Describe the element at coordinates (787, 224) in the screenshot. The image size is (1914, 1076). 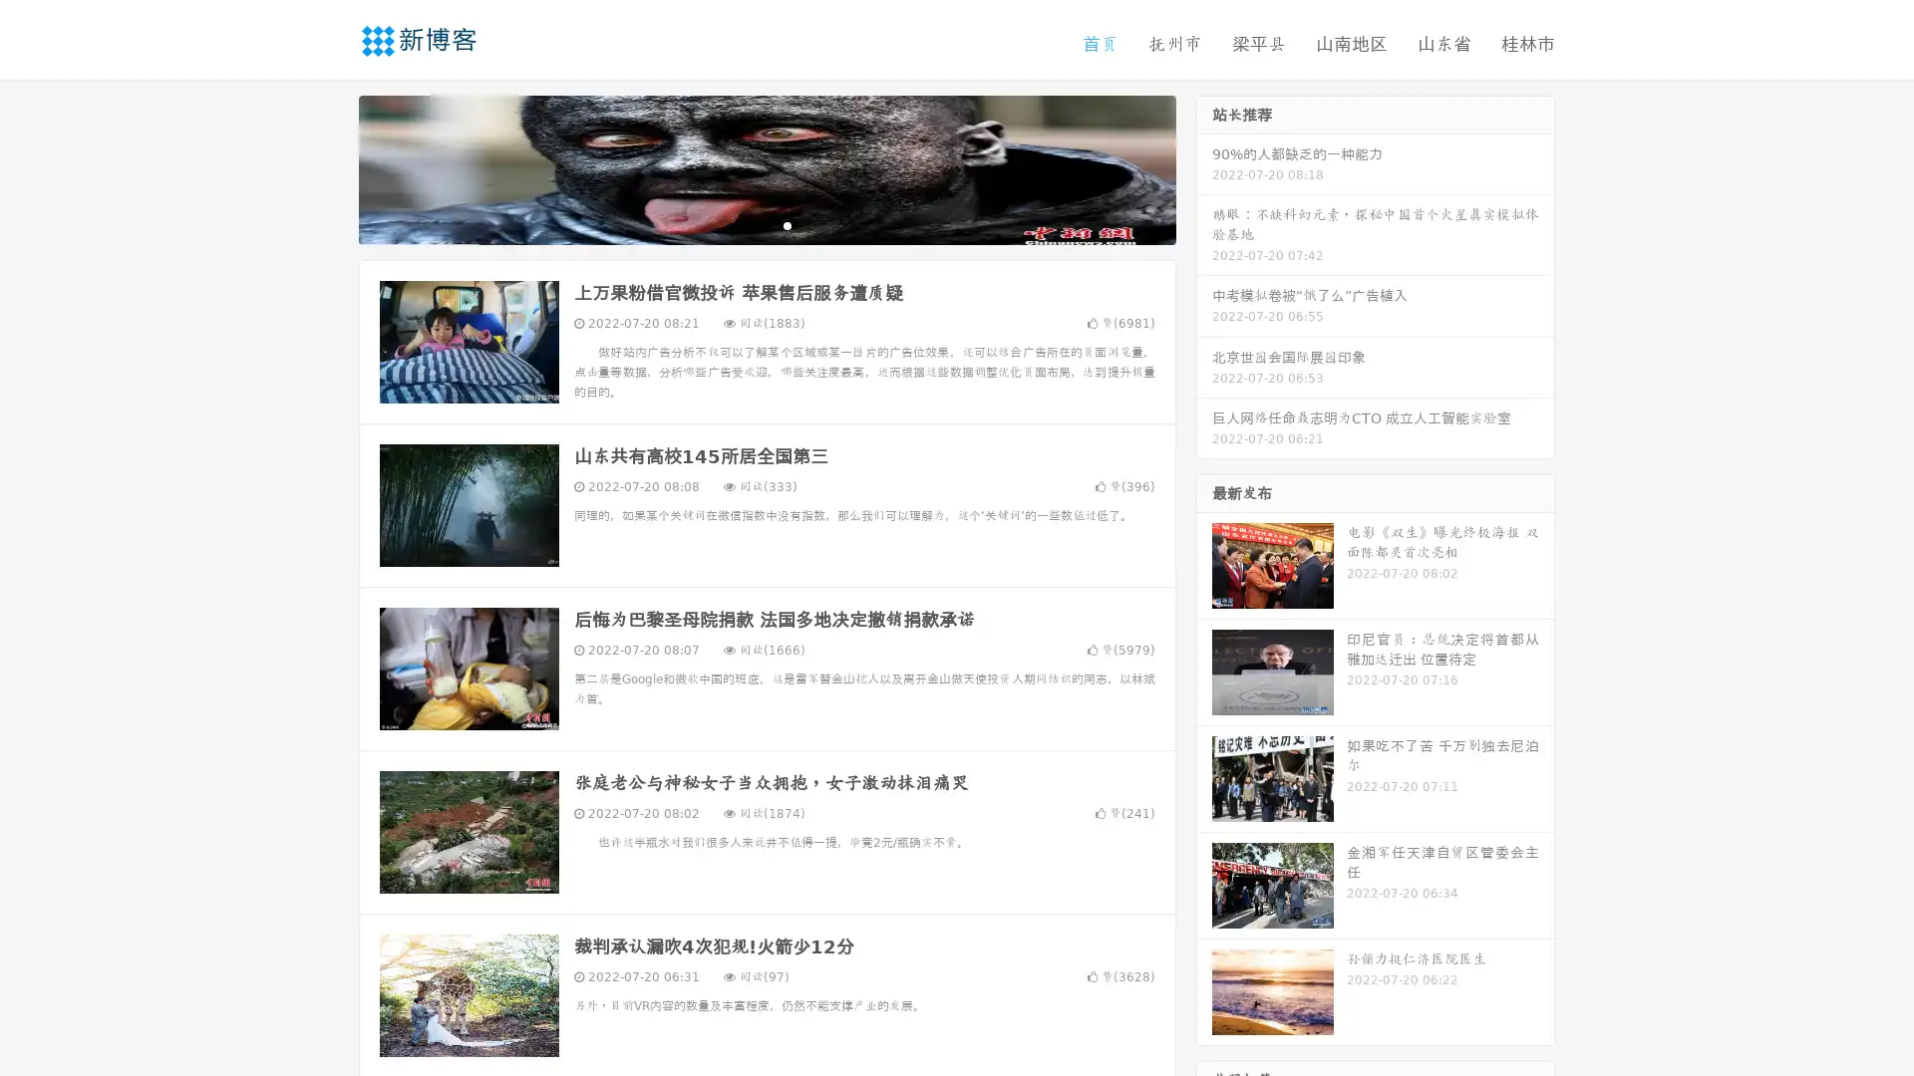
I see `Go to slide 3` at that location.